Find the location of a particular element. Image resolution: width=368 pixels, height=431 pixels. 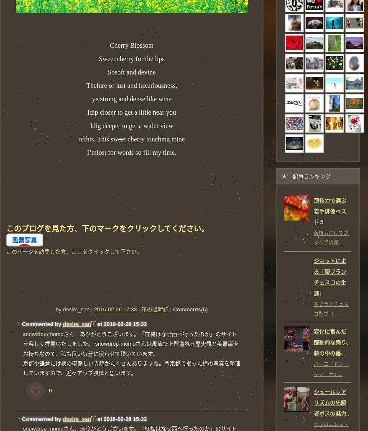

'2016-02-26 17:38' is located at coordinates (115, 309).